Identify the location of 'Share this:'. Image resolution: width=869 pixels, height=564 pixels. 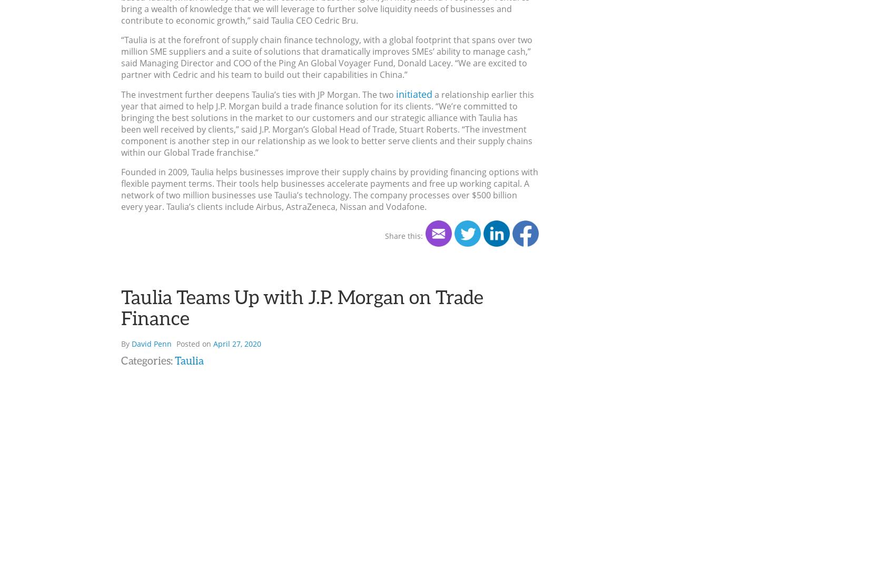
(403, 235).